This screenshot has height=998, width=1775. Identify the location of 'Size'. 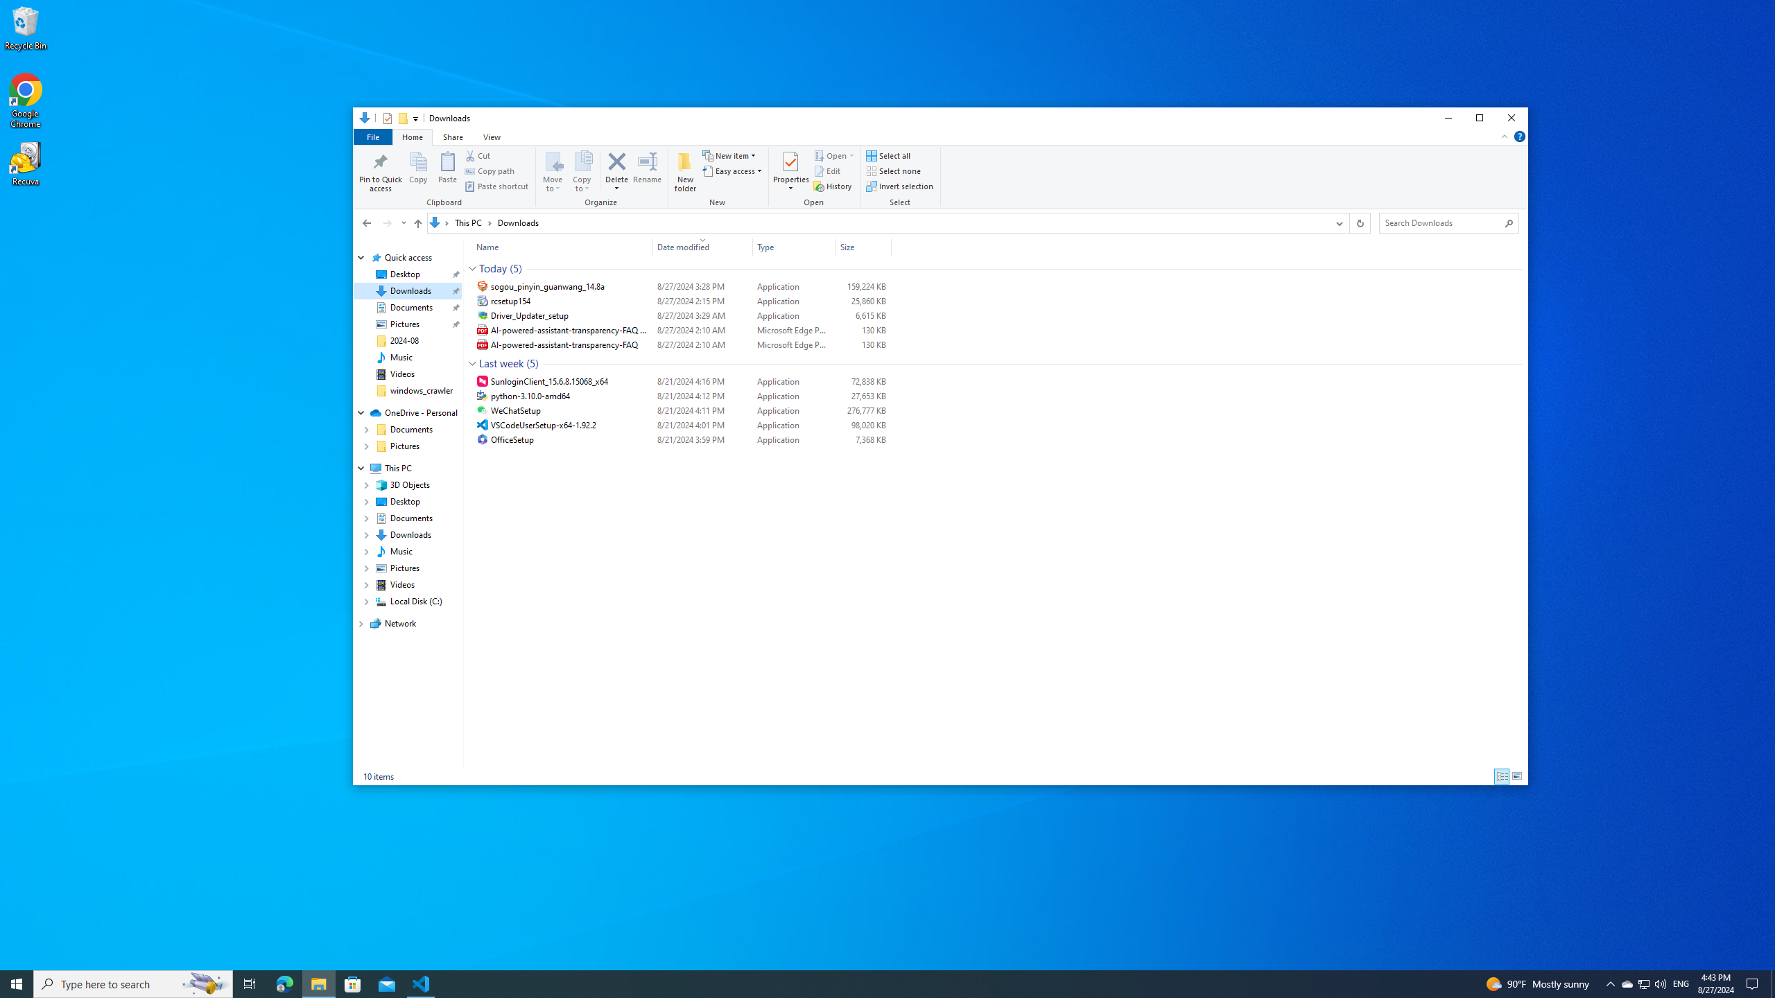
(863, 247).